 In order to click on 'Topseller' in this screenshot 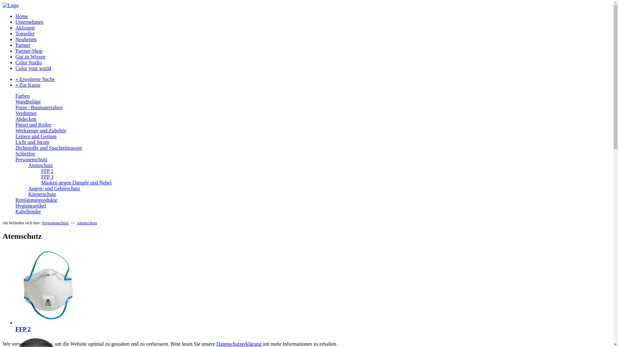, I will do `click(25, 33)`.